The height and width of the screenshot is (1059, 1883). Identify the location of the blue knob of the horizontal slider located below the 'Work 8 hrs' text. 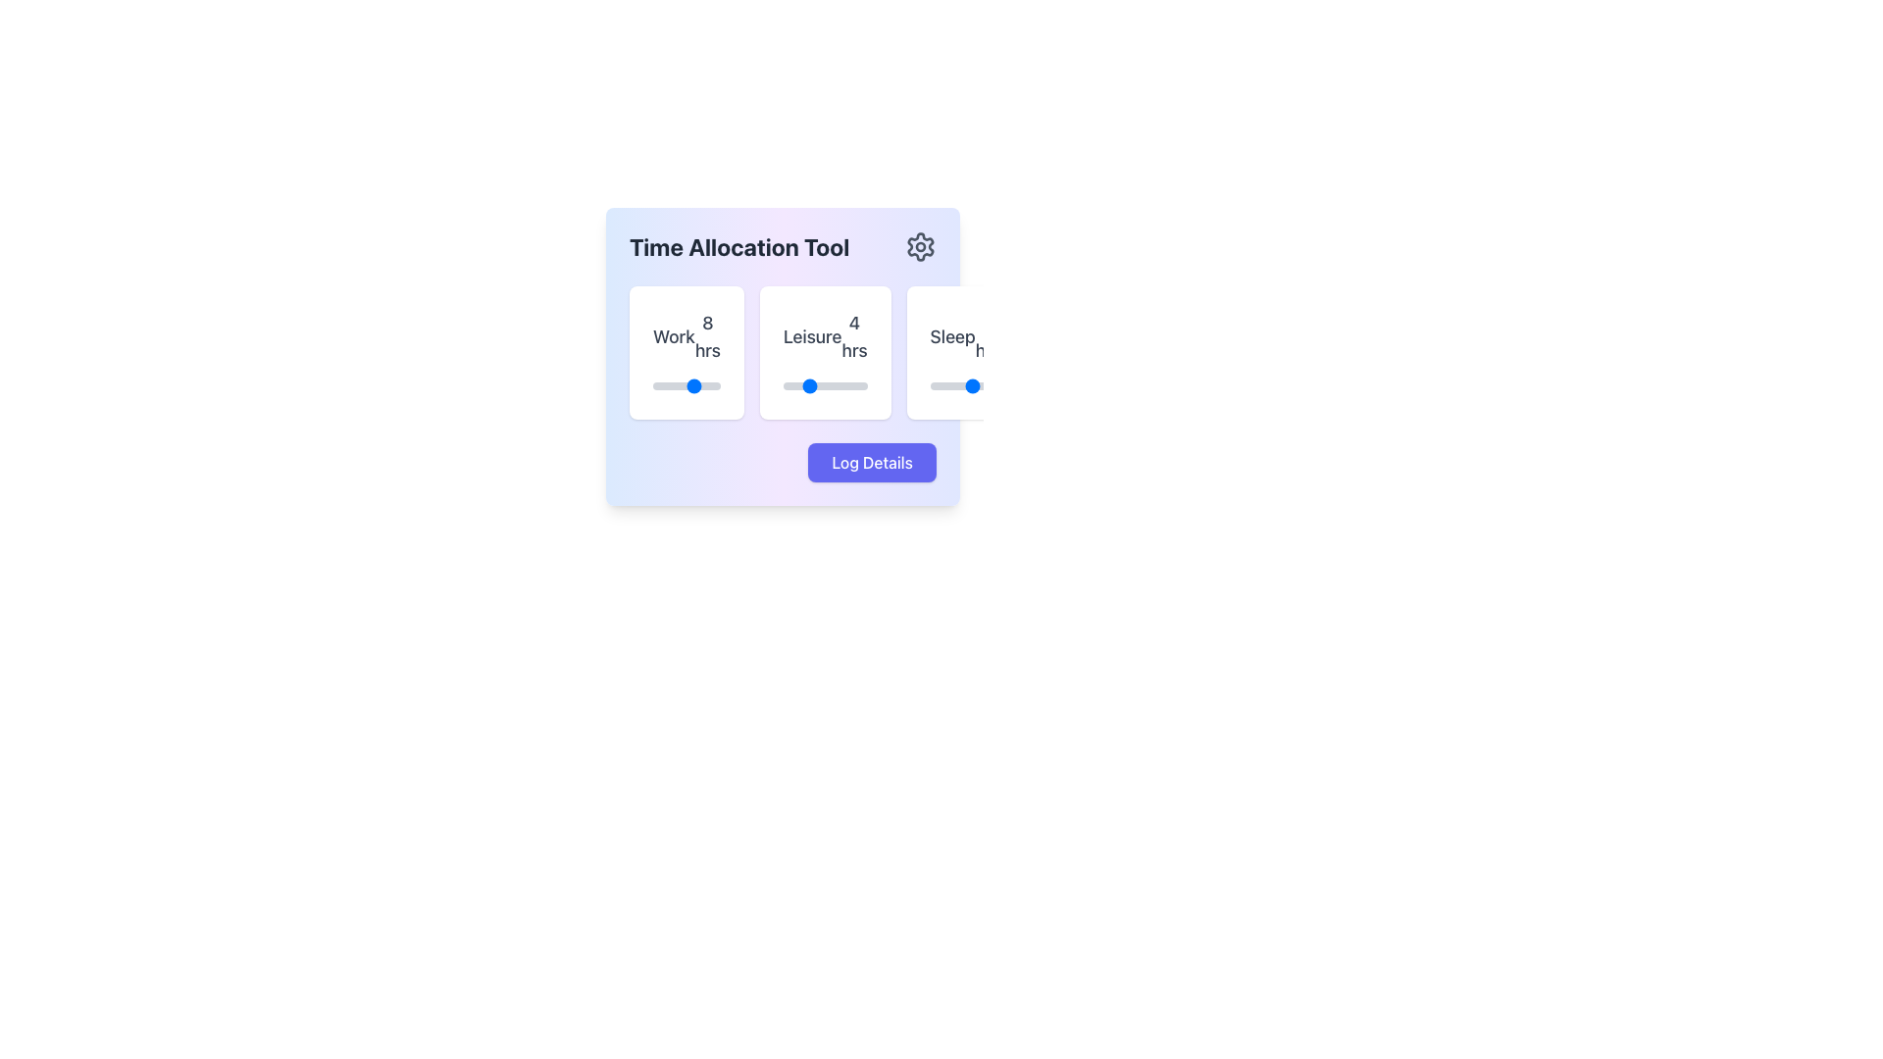
(687, 385).